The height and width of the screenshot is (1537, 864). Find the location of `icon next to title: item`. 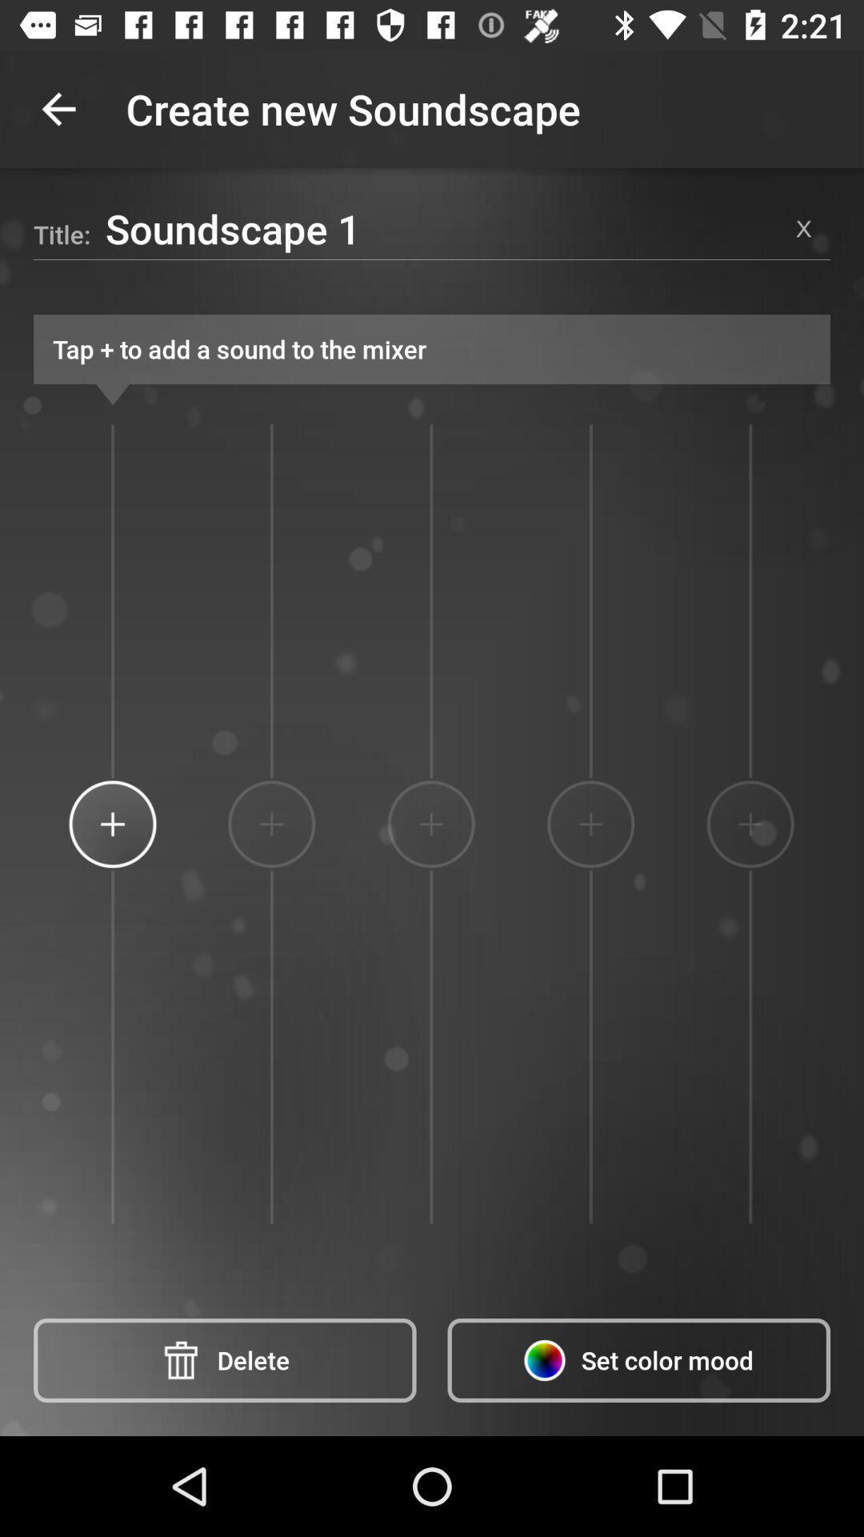

icon next to title: item is located at coordinates (441, 227).